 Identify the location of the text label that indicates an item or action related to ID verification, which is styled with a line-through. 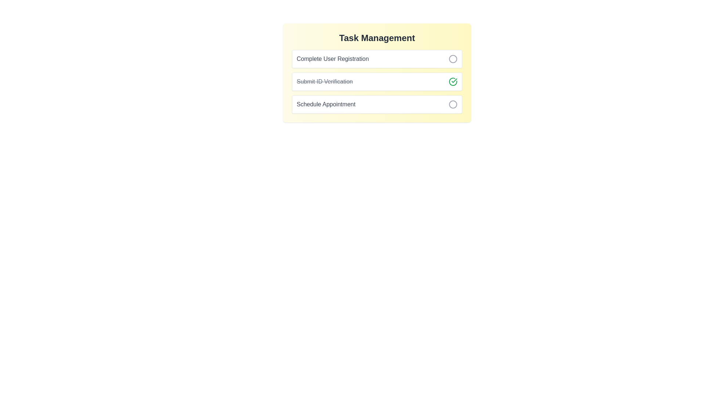
(324, 82).